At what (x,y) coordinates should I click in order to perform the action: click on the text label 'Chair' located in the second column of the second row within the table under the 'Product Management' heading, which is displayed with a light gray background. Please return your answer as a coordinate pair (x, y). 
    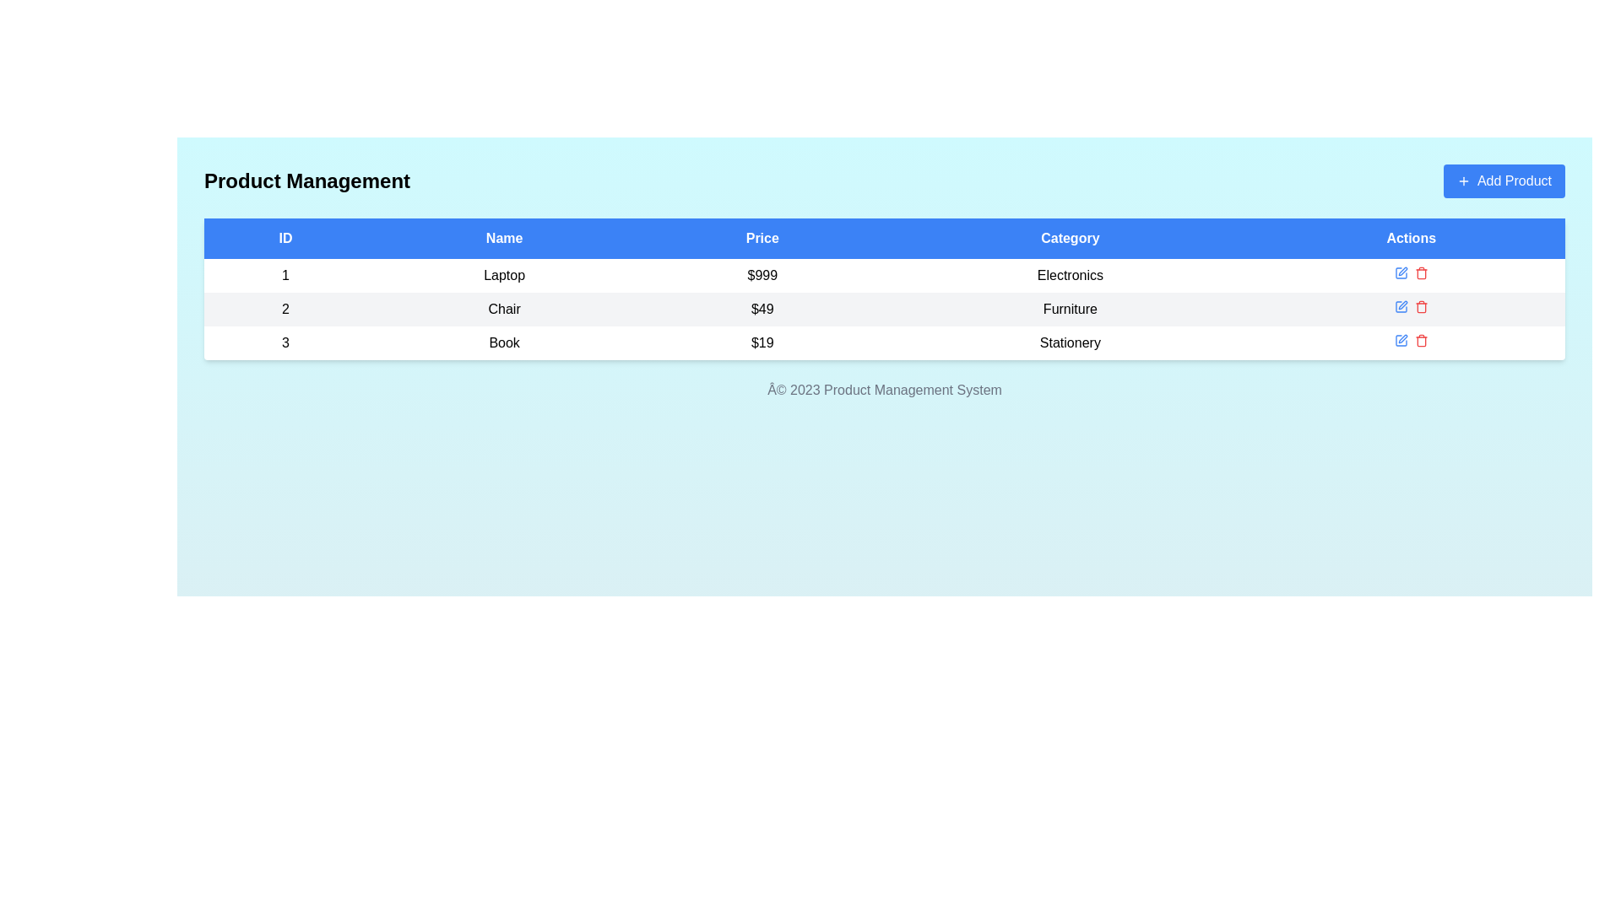
    Looking at the image, I should click on (503, 309).